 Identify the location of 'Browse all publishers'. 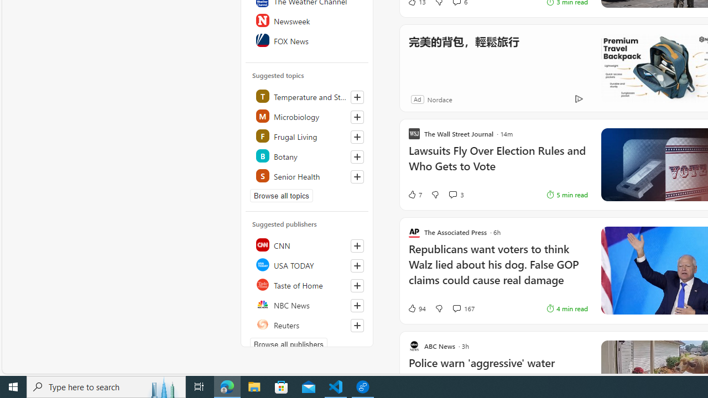
(288, 344).